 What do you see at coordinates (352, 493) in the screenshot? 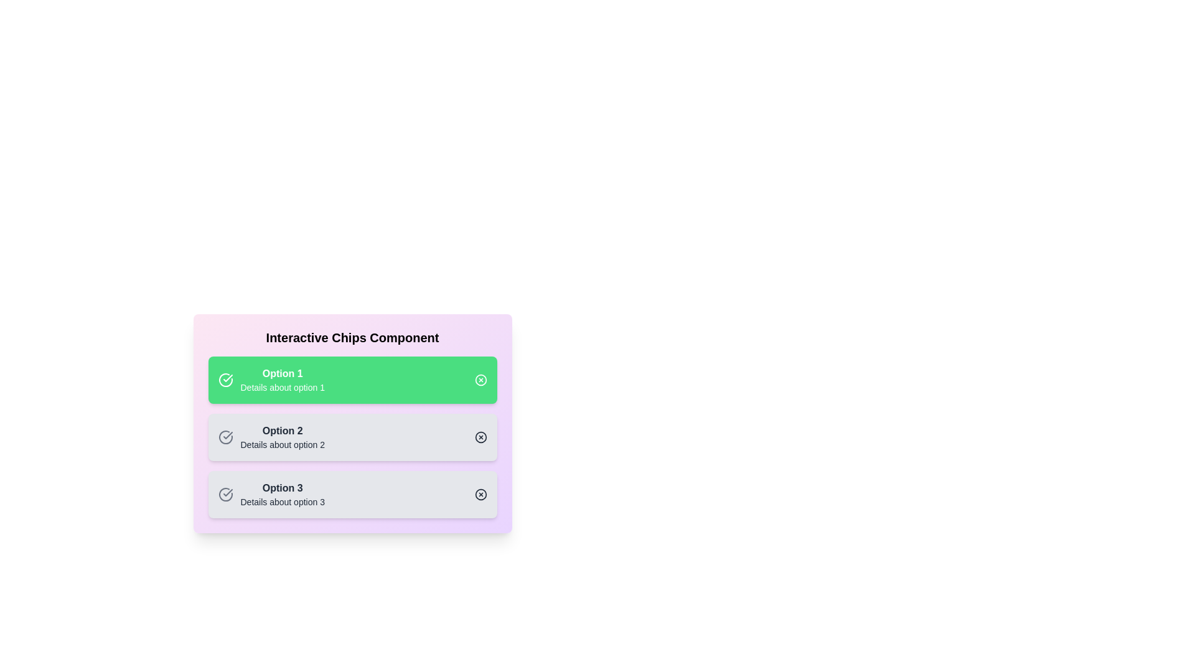
I see `the chip corresponding to Option 3` at bounding box center [352, 493].